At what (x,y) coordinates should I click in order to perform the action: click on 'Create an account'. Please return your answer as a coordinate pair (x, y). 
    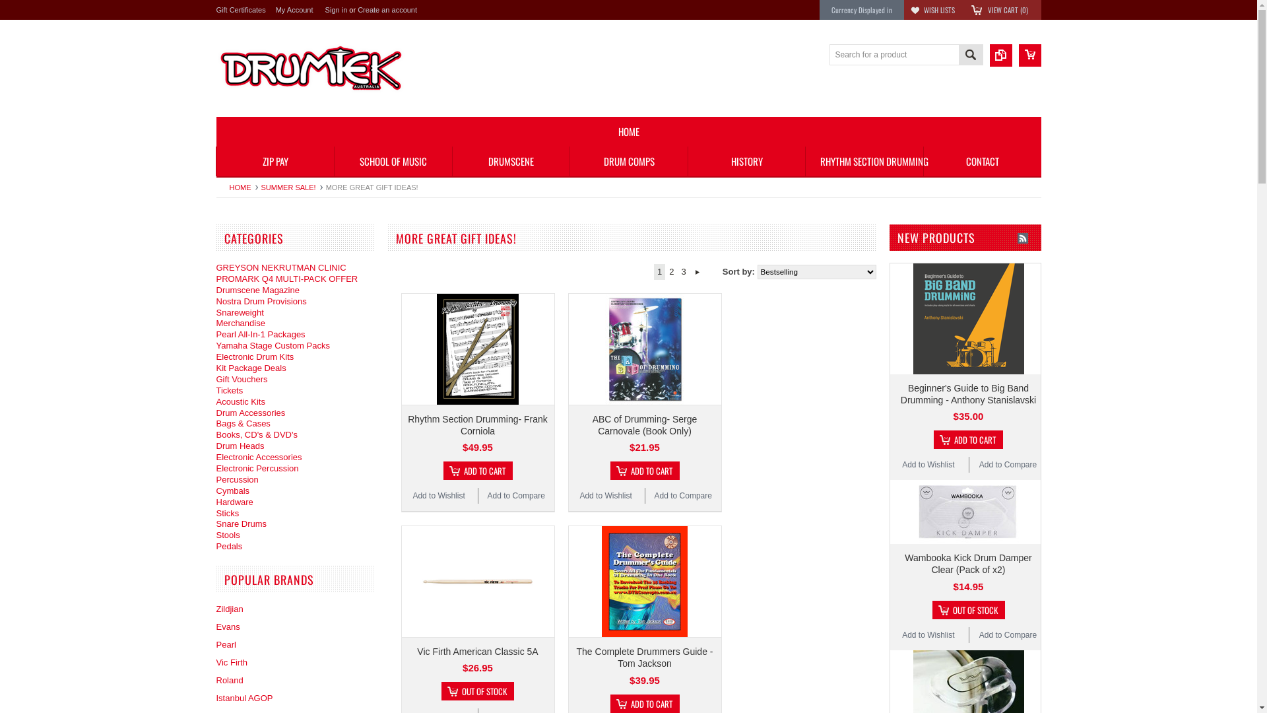
    Looking at the image, I should click on (386, 10).